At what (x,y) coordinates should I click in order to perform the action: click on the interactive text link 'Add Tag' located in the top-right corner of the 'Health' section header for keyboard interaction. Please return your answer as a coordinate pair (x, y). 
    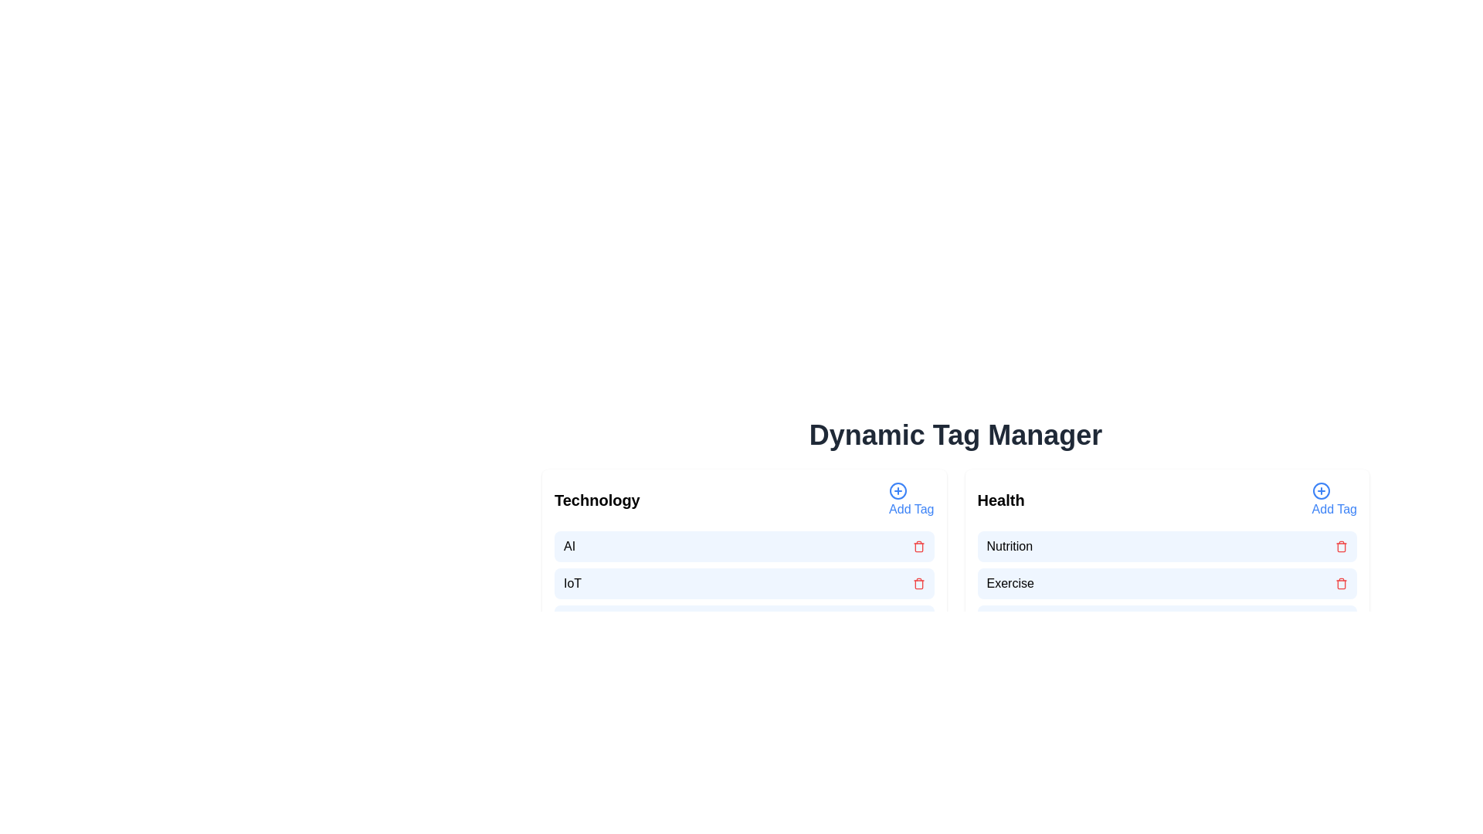
    Looking at the image, I should click on (1333, 500).